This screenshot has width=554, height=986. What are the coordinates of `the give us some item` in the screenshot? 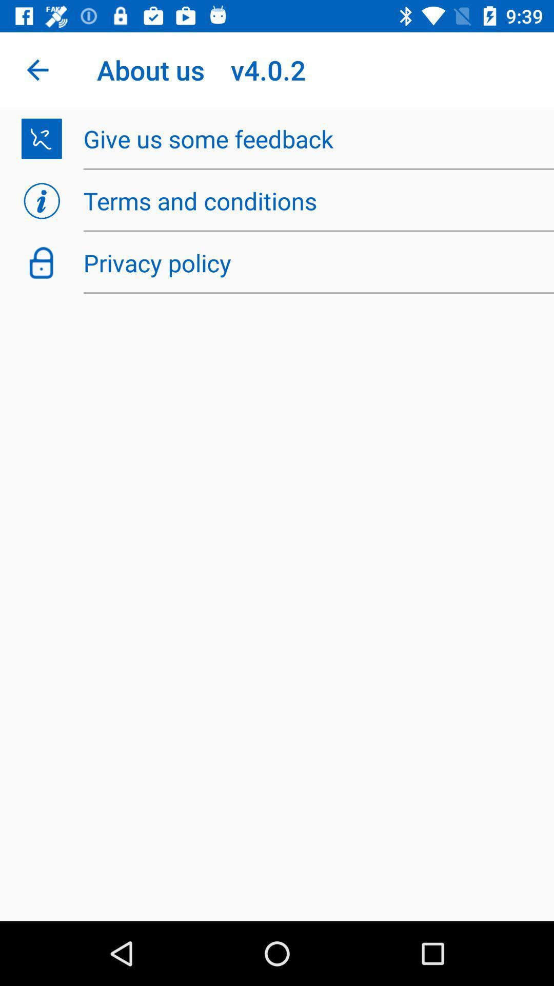 It's located at (312, 138).